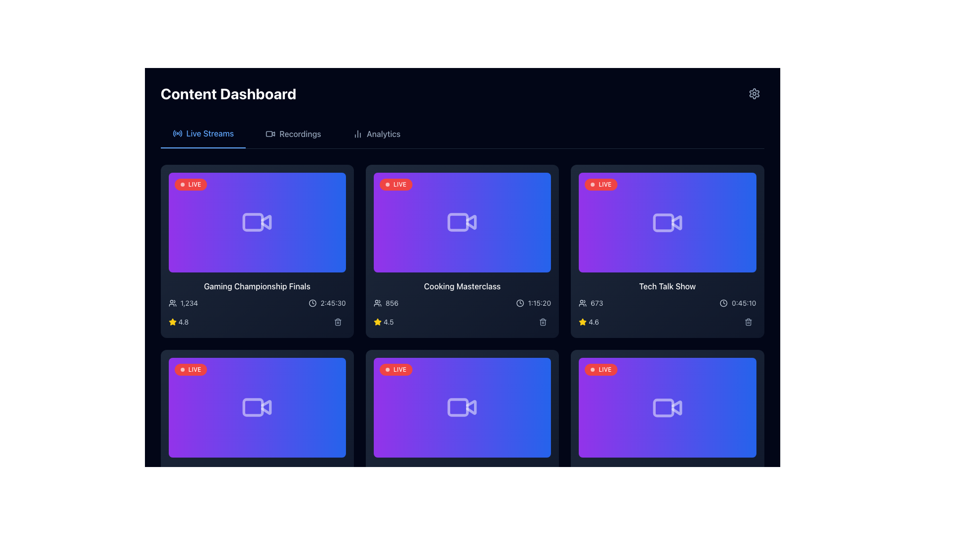  What do you see at coordinates (338, 322) in the screenshot?
I see `the trash can icon button located in the lower right corner of the video card, under the duration information and to the right of the rating star` at bounding box center [338, 322].